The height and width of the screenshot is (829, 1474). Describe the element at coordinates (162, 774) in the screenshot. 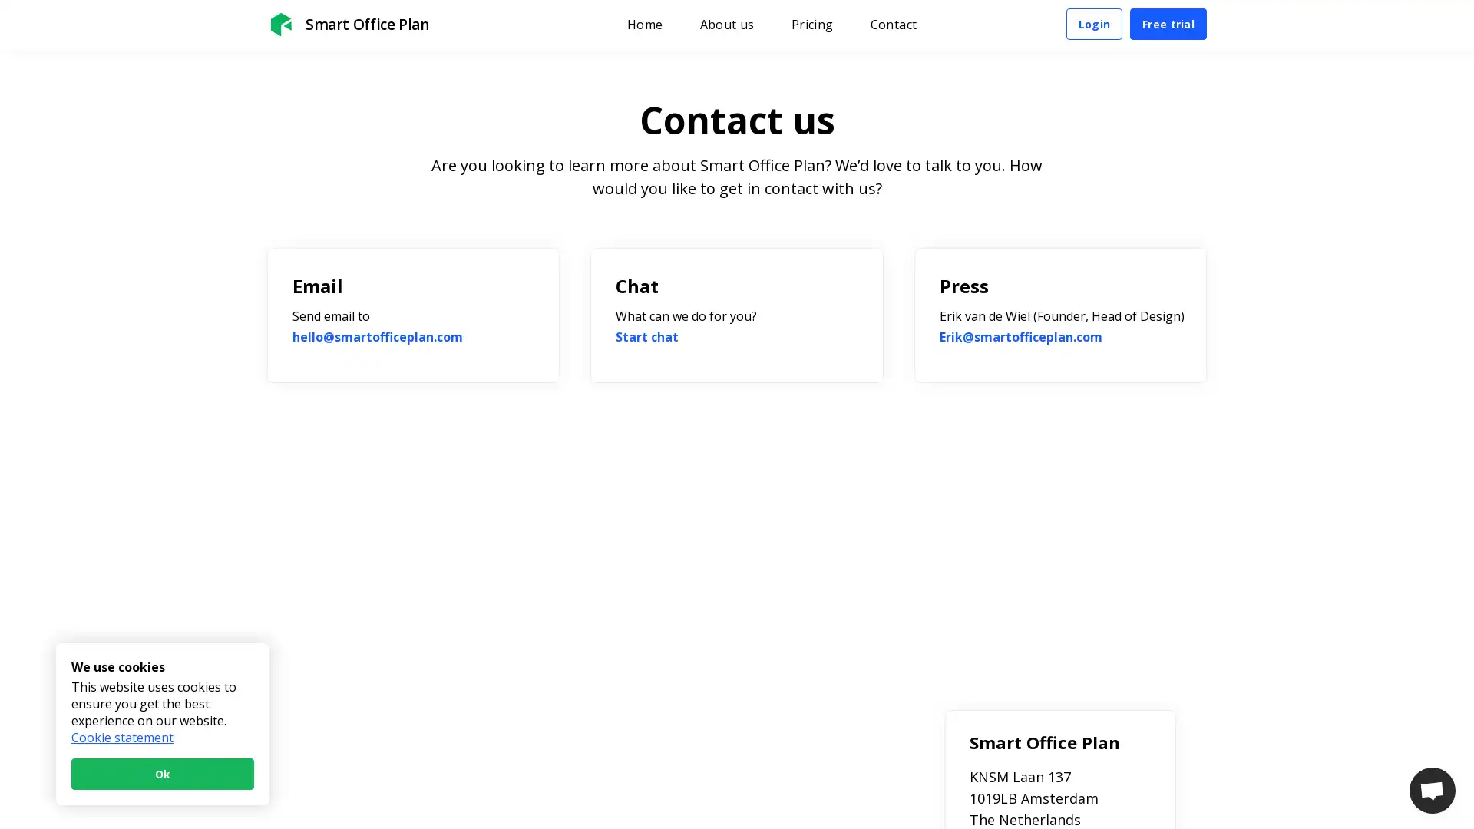

I see `Ok` at that location.